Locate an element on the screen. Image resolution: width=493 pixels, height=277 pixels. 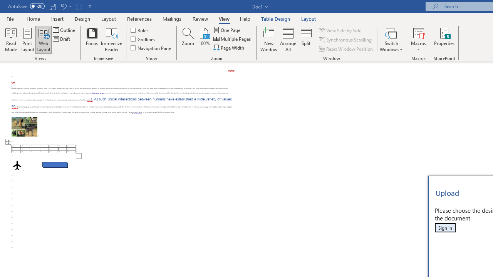
'View Macros' is located at coordinates (418, 32).